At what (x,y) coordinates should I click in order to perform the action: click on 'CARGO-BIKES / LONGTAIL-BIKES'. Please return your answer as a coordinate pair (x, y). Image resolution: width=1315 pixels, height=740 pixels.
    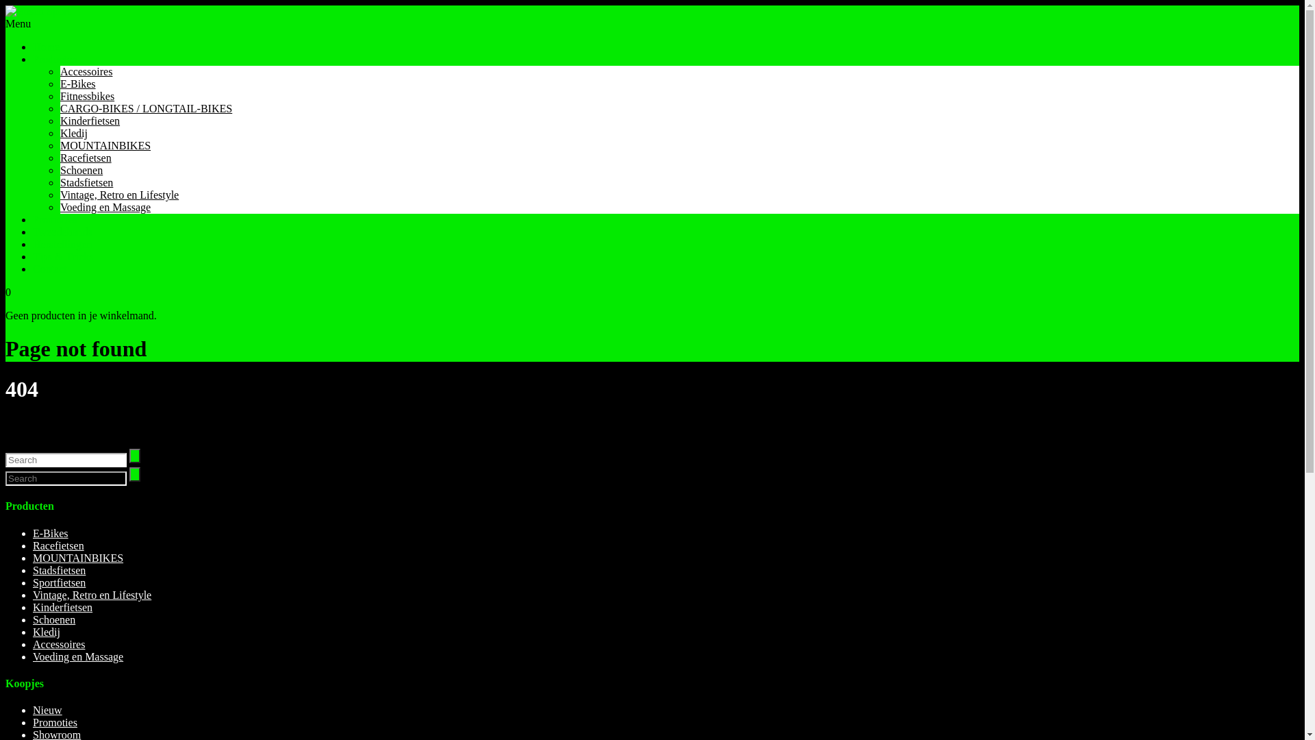
    Looking at the image, I should click on (146, 108).